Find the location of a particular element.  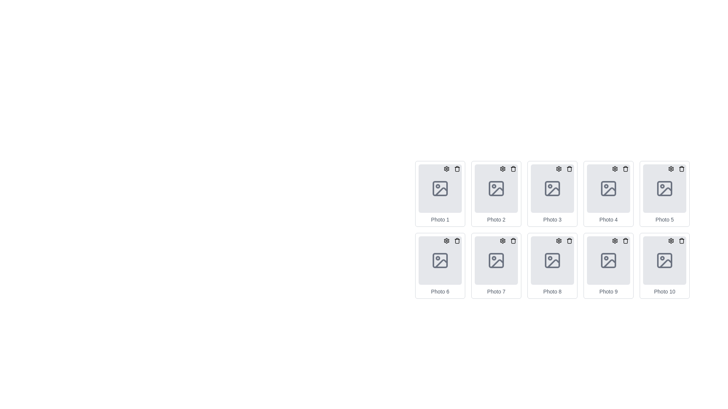

the image placeholder located in the bottom-right corner of the grid is located at coordinates (664, 260).